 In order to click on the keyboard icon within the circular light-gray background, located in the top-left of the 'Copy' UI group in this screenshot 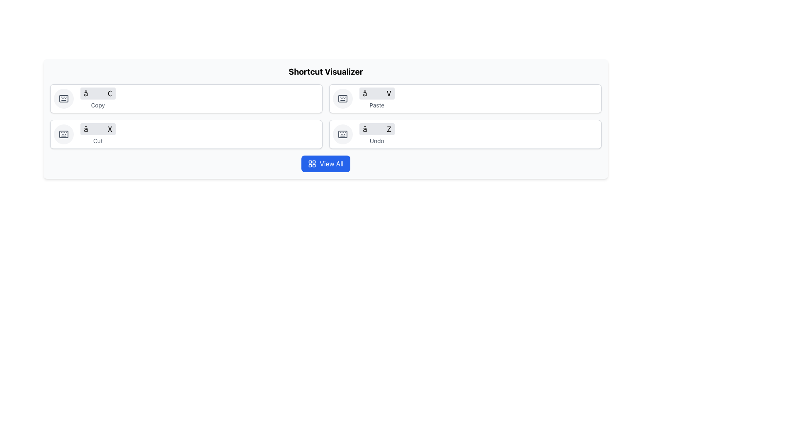, I will do `click(342, 98)`.